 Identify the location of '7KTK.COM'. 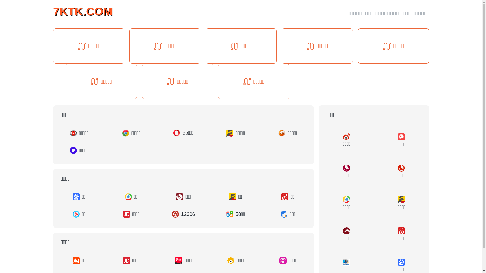
(83, 11).